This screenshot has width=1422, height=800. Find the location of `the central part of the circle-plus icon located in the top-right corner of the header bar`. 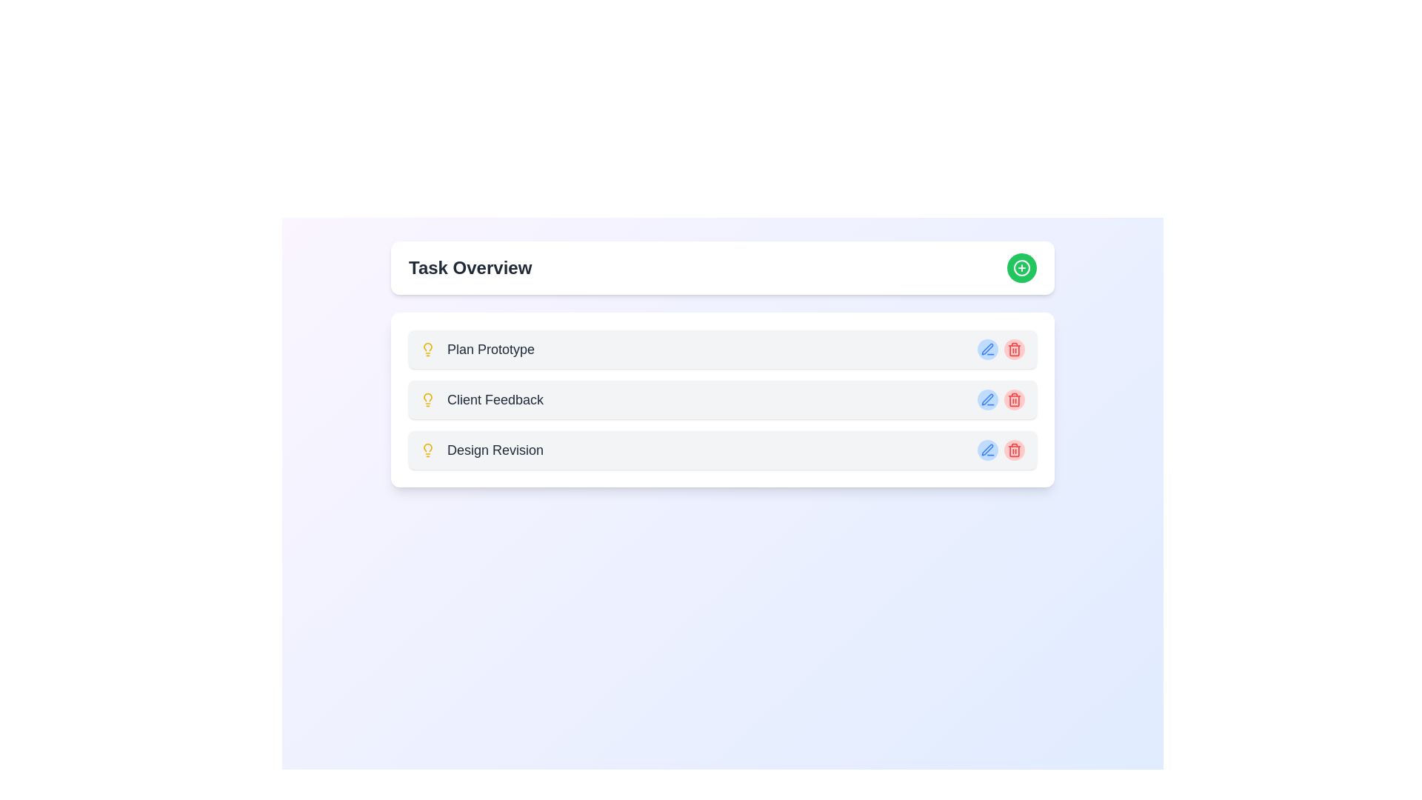

the central part of the circle-plus icon located in the top-right corner of the header bar is located at coordinates (1021, 268).